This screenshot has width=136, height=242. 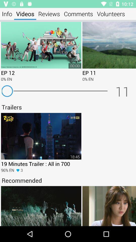 I want to click on the info, so click(x=7, y=14).